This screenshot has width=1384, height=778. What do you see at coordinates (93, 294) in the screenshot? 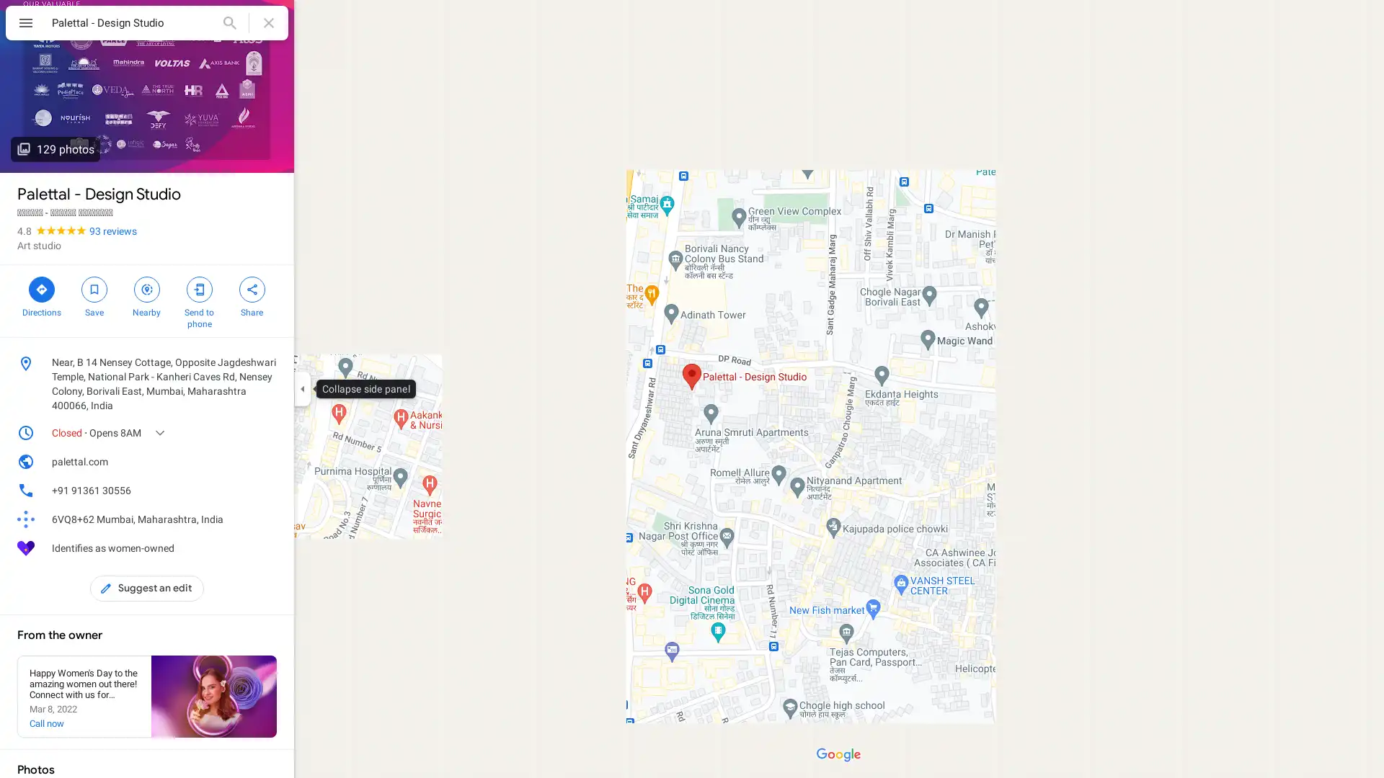
I see `Save Palettal - Design Studio in your lists` at bounding box center [93, 294].